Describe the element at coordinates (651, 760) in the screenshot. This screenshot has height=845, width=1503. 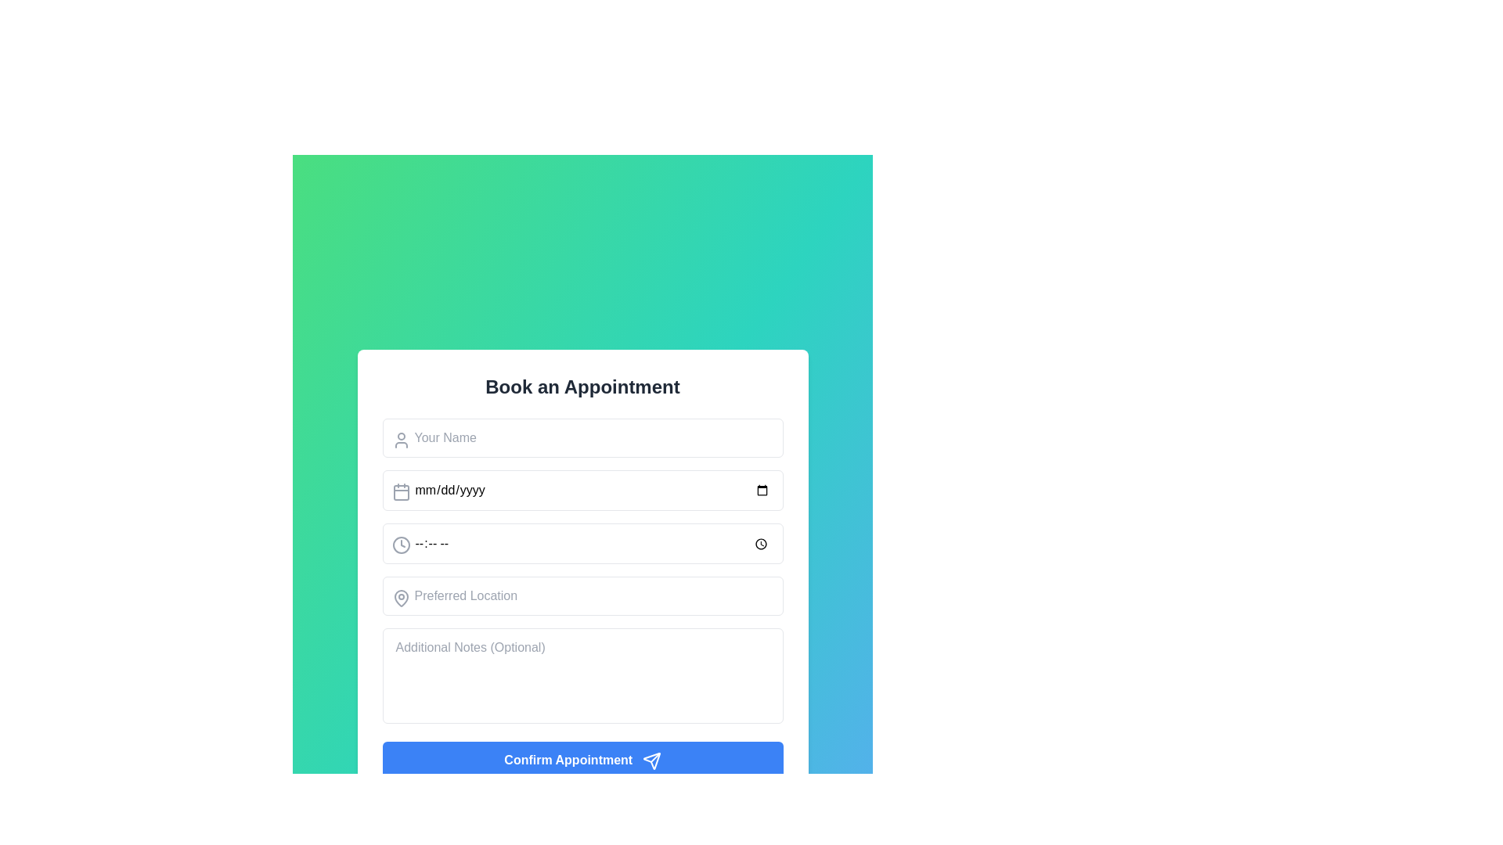
I see `the send icon, which is a stylized paper plane with a white outline on a blue background, located to the right of the 'Confirm Appointment' button` at that location.